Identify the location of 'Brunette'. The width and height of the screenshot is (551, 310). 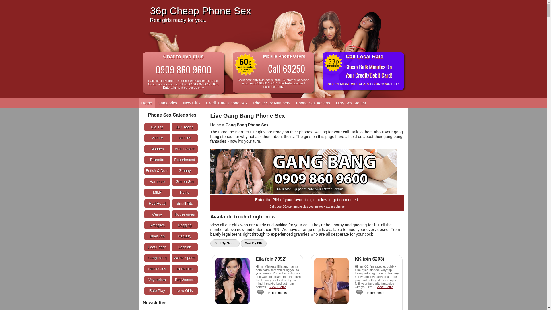
(157, 160).